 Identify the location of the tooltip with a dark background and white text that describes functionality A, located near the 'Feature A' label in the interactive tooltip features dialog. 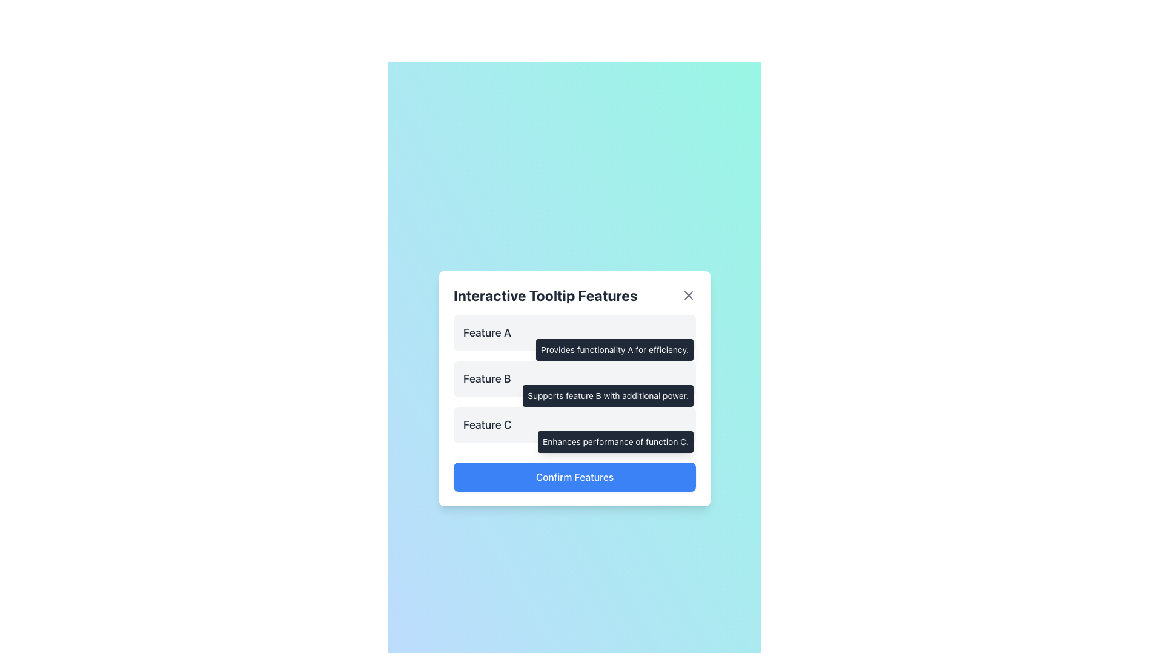
(615, 350).